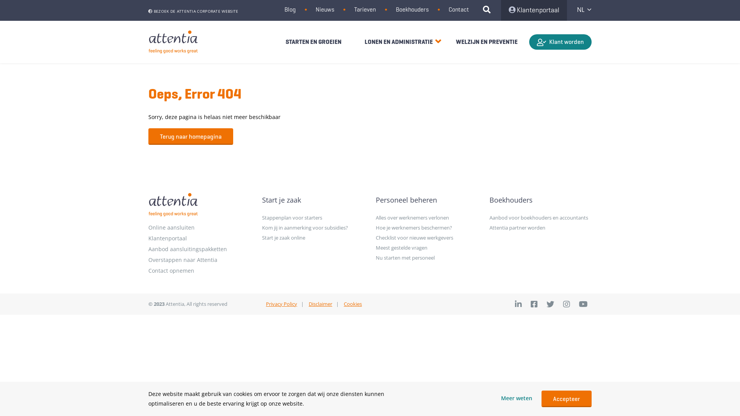 Image resolution: width=740 pixels, height=416 pixels. Describe the element at coordinates (148, 249) in the screenshot. I see `'Aanbod aansluitingspakketten'` at that location.